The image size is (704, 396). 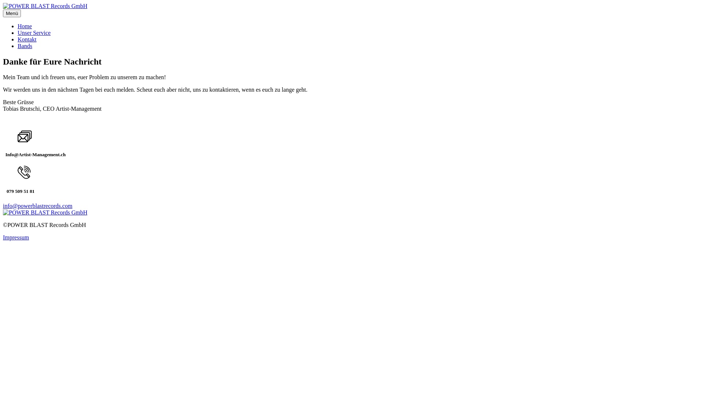 What do you see at coordinates (25, 26) in the screenshot?
I see `'Home'` at bounding box center [25, 26].